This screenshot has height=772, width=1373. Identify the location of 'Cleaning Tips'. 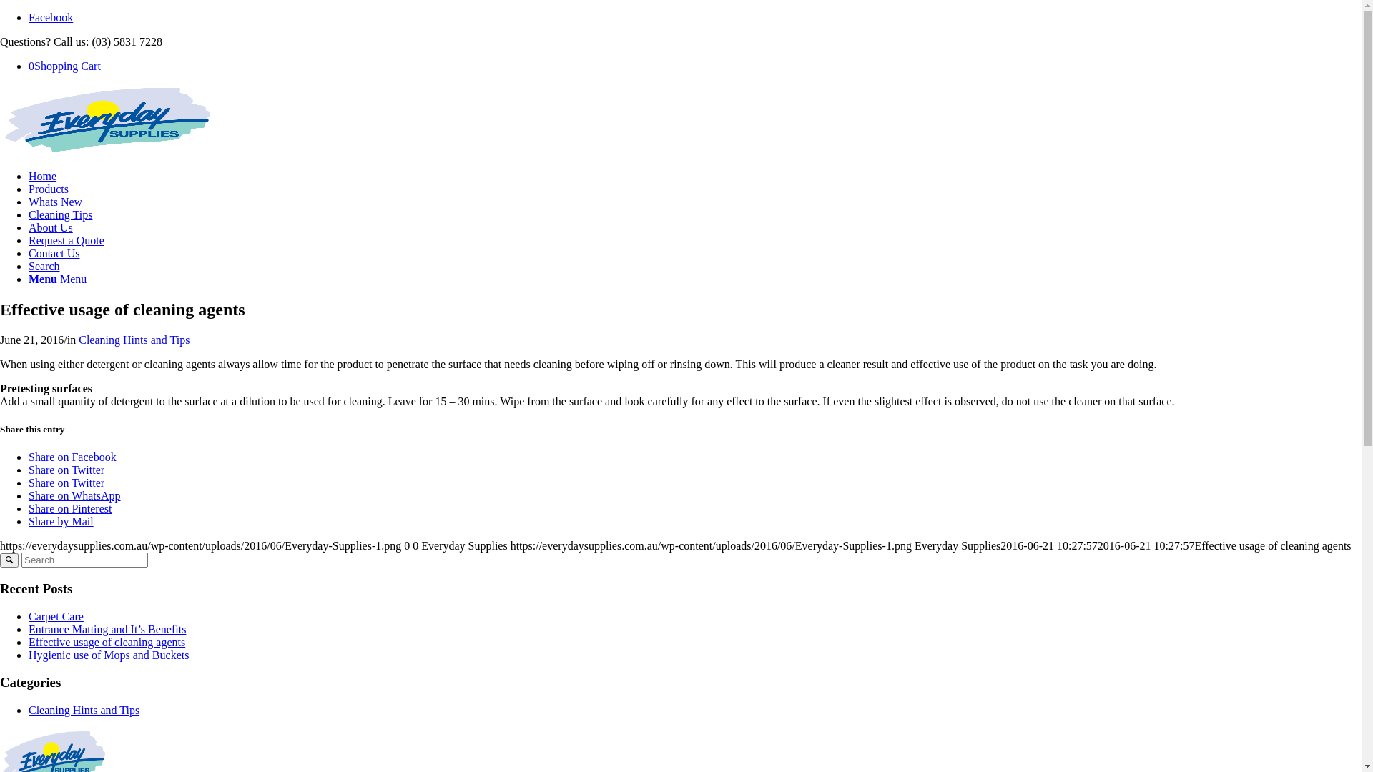
(59, 214).